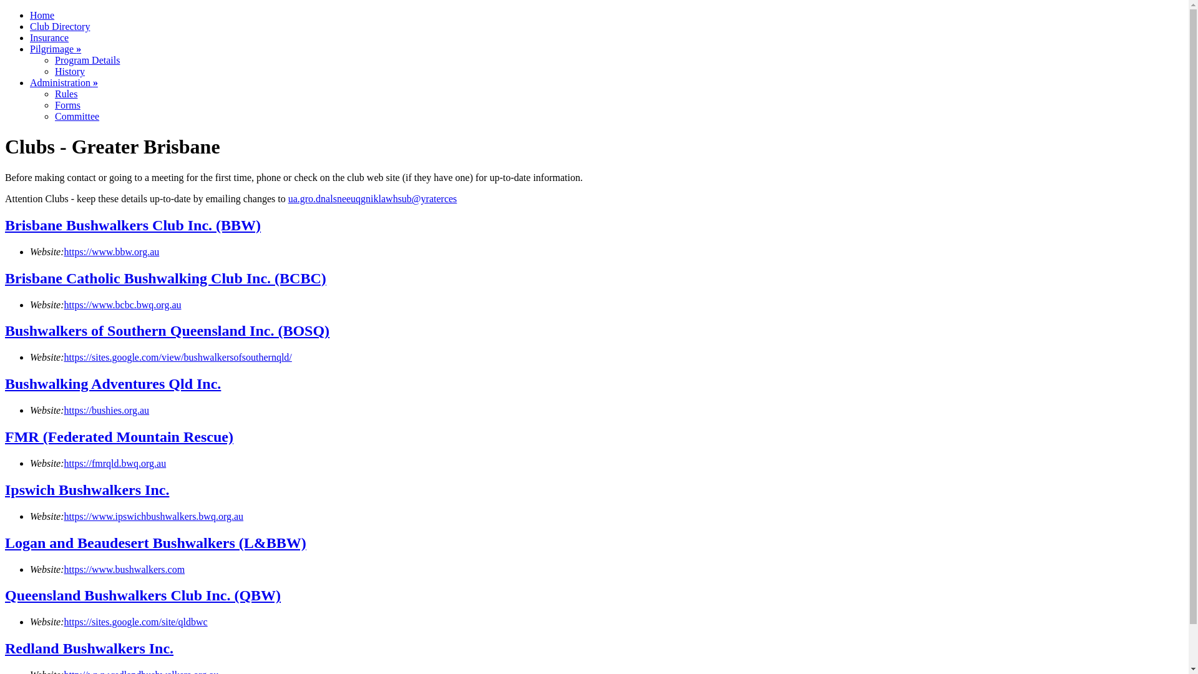 Image resolution: width=1198 pixels, height=674 pixels. Describe the element at coordinates (63, 357) in the screenshot. I see `'https://sites.google.com/view/bushwalkersofsouthernqld/'` at that location.